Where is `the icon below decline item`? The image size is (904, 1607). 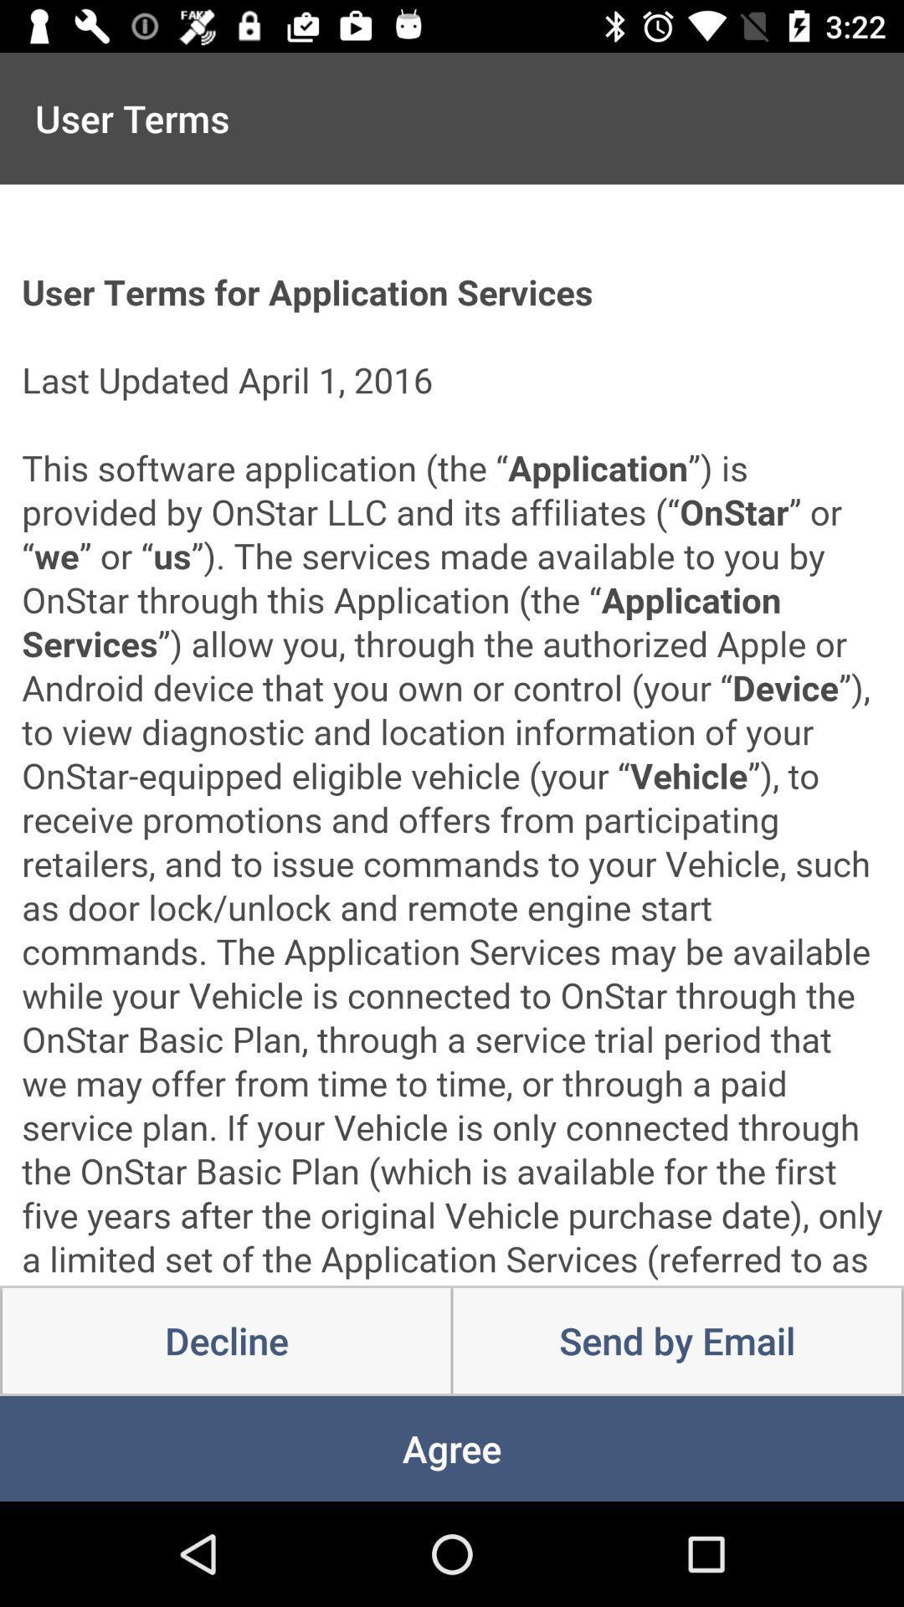
the icon below decline item is located at coordinates (452, 1448).